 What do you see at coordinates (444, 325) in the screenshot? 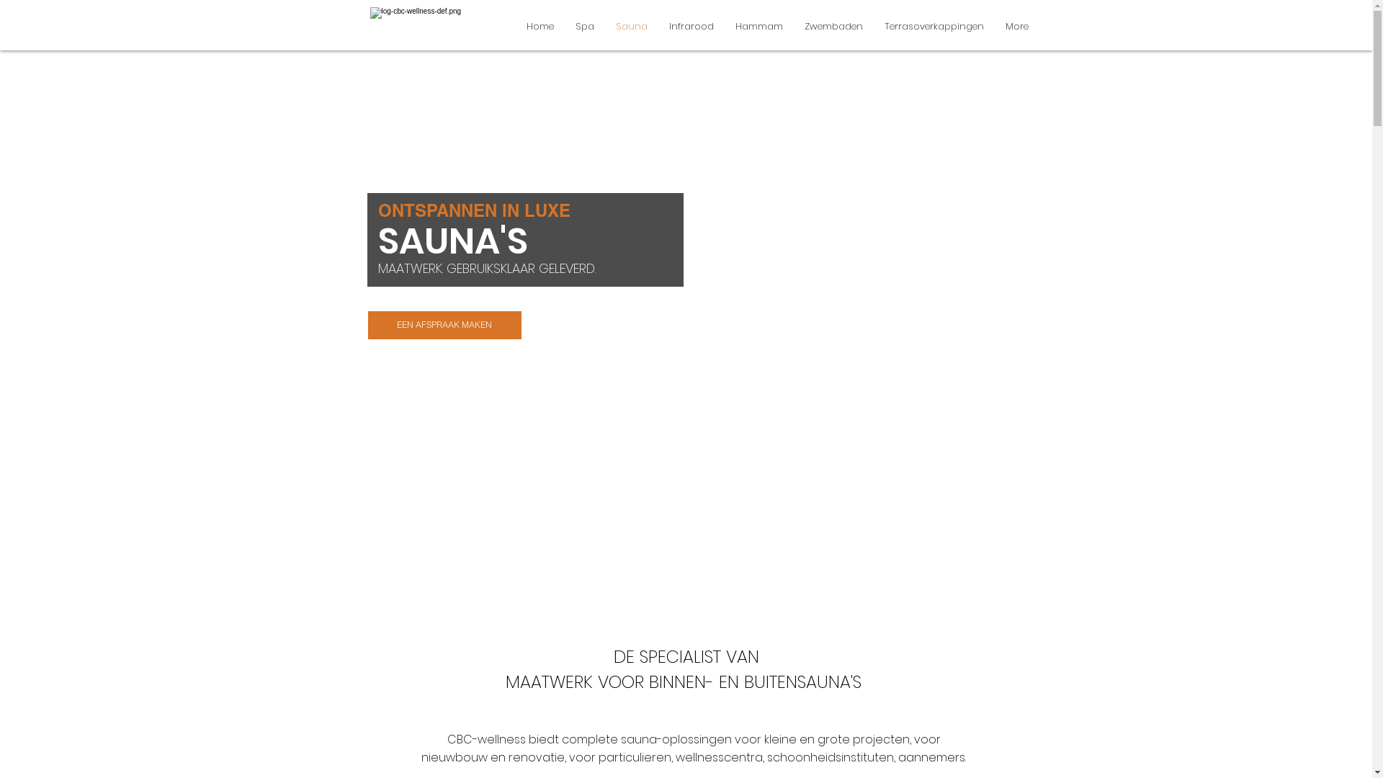
I see `'EEN AFSPRAAK MAKEN'` at bounding box center [444, 325].